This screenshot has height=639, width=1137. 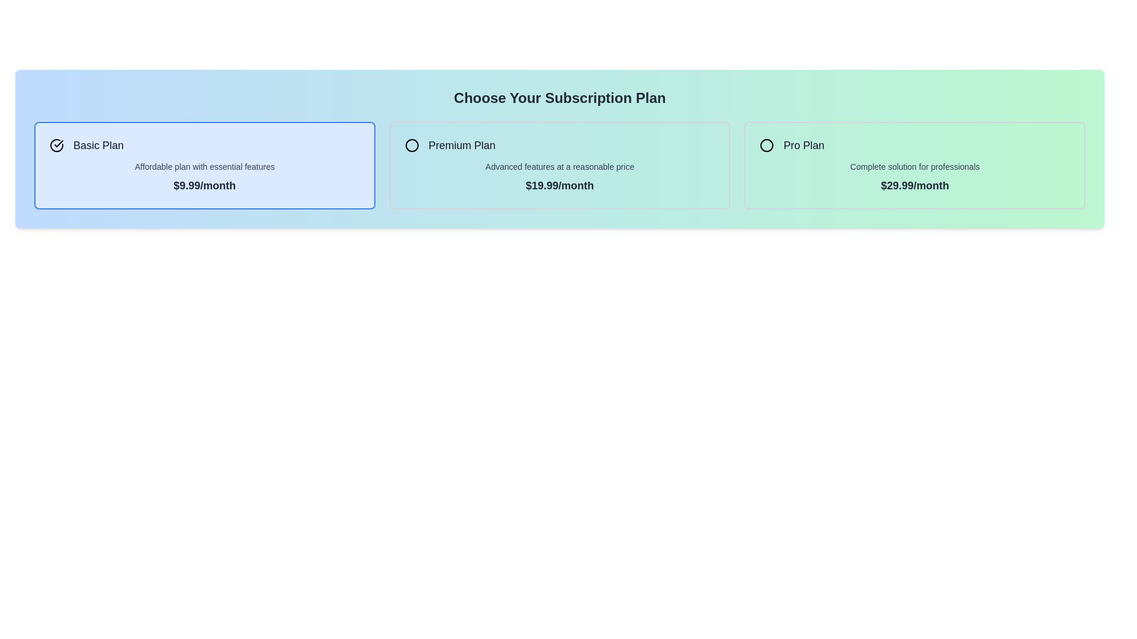 What do you see at coordinates (559, 97) in the screenshot?
I see `the centered heading displaying 'Choose Your Subscription Plan' in a bold, large font with dark gray color` at bounding box center [559, 97].